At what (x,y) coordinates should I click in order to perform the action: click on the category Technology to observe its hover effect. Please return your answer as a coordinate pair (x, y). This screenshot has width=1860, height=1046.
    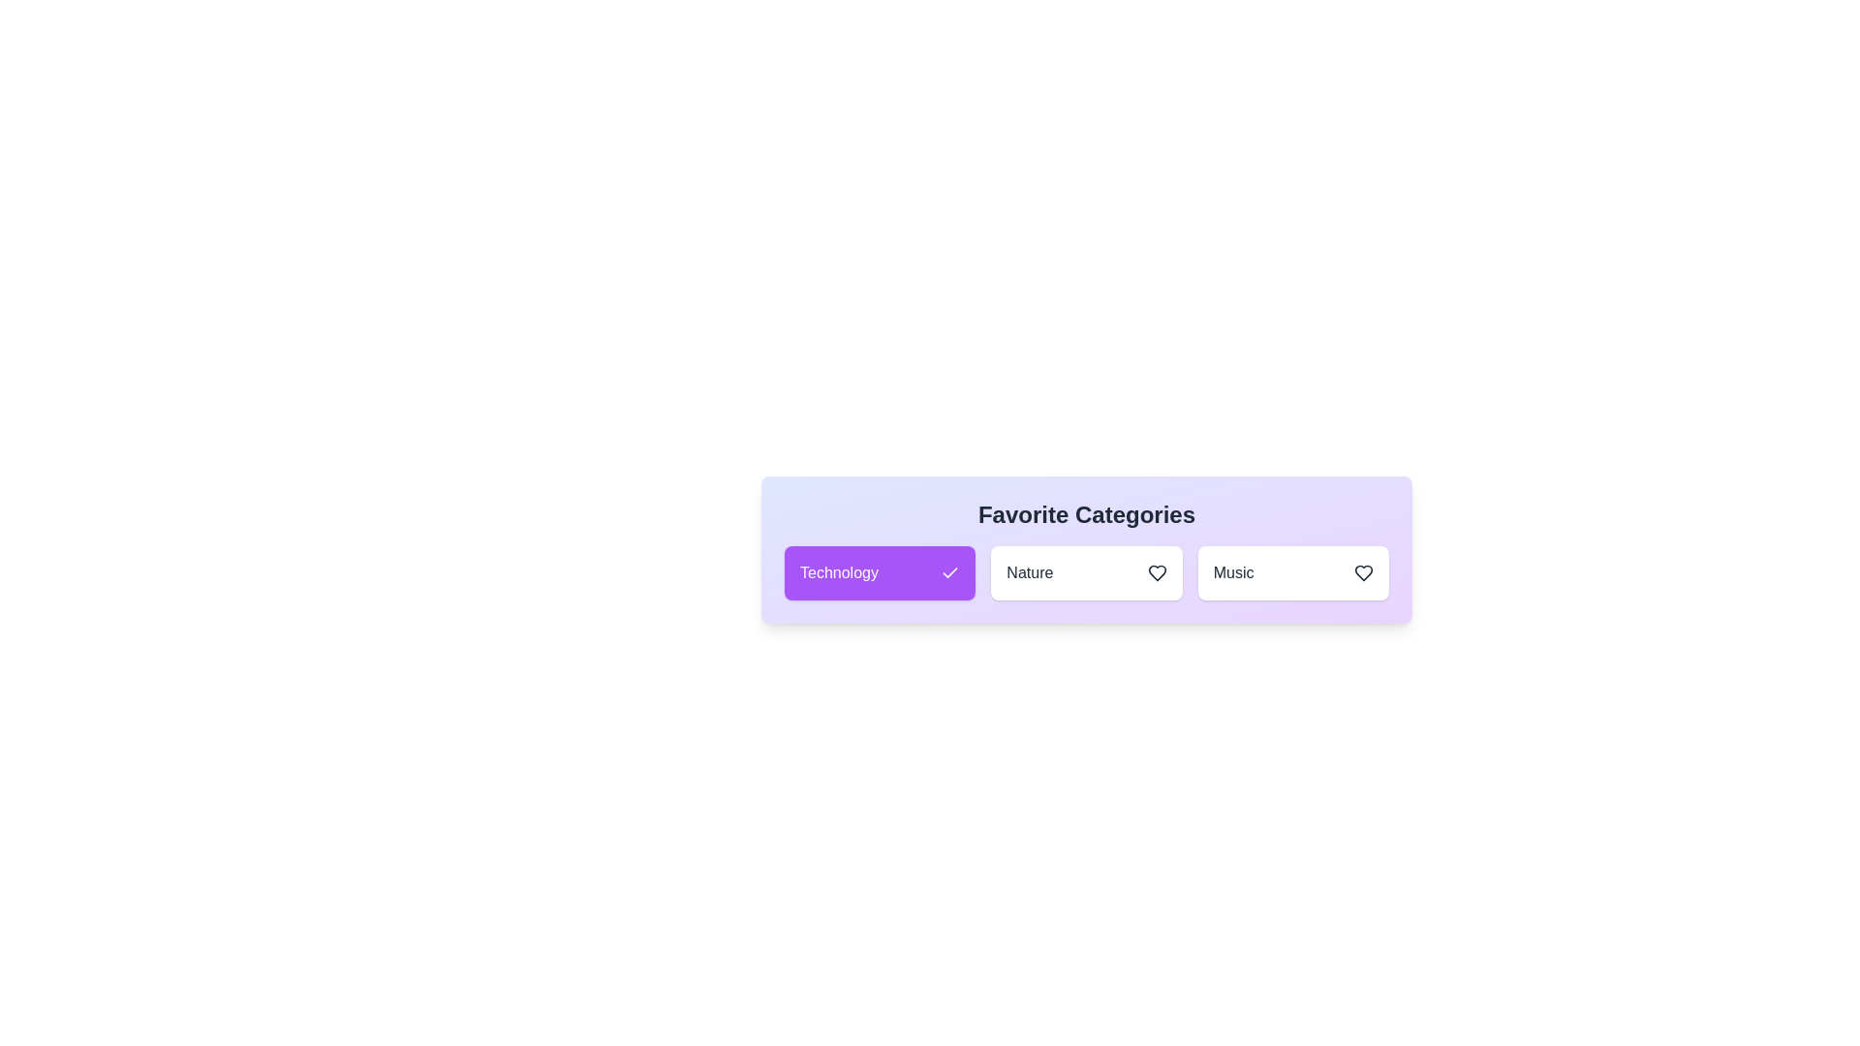
    Looking at the image, I should click on (879, 571).